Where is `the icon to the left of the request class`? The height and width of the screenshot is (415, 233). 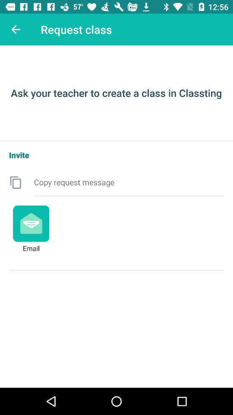
the icon to the left of the request class is located at coordinates (16, 29).